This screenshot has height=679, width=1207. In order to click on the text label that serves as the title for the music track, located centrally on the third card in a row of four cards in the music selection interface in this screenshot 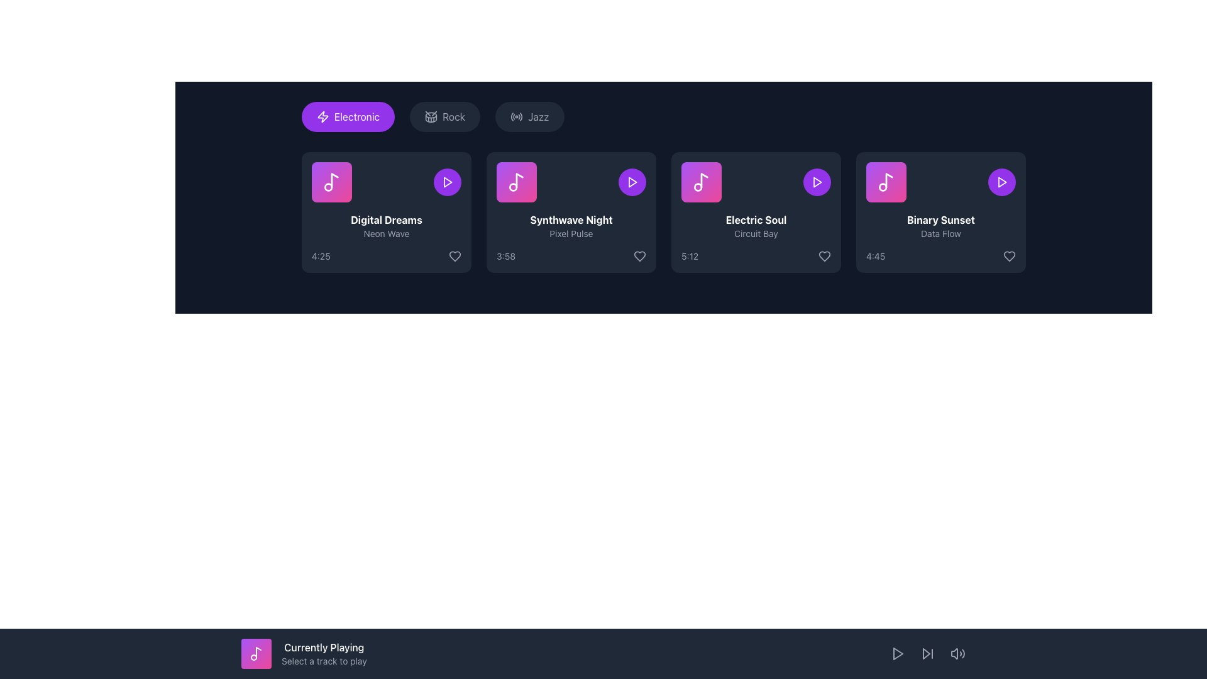, I will do `click(570, 219)`.